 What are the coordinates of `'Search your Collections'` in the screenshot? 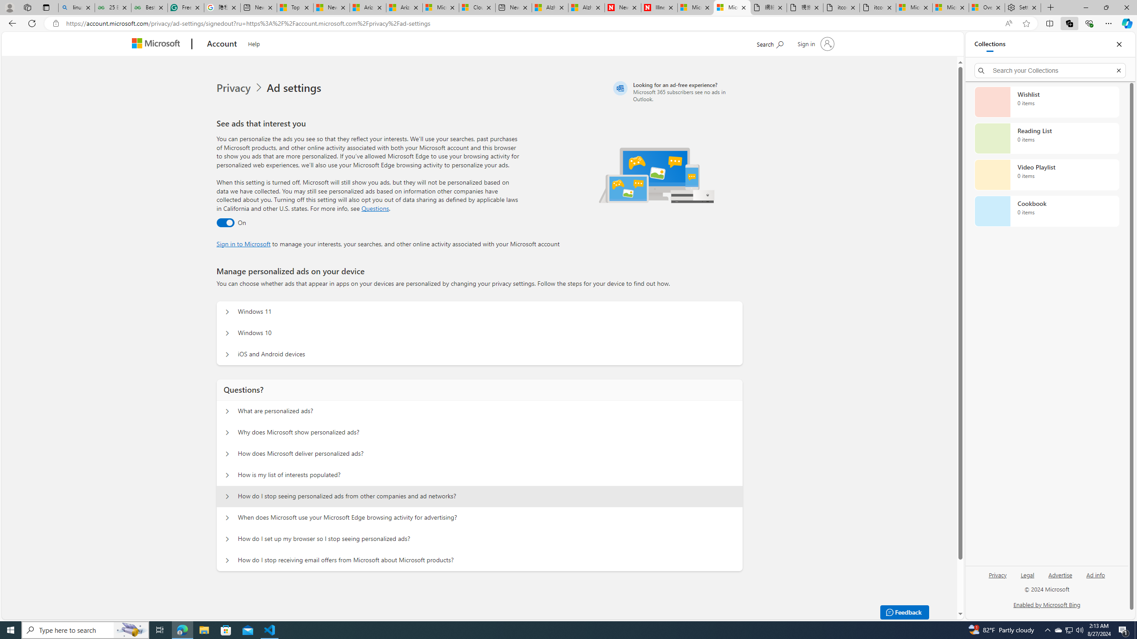 It's located at (1050, 70).